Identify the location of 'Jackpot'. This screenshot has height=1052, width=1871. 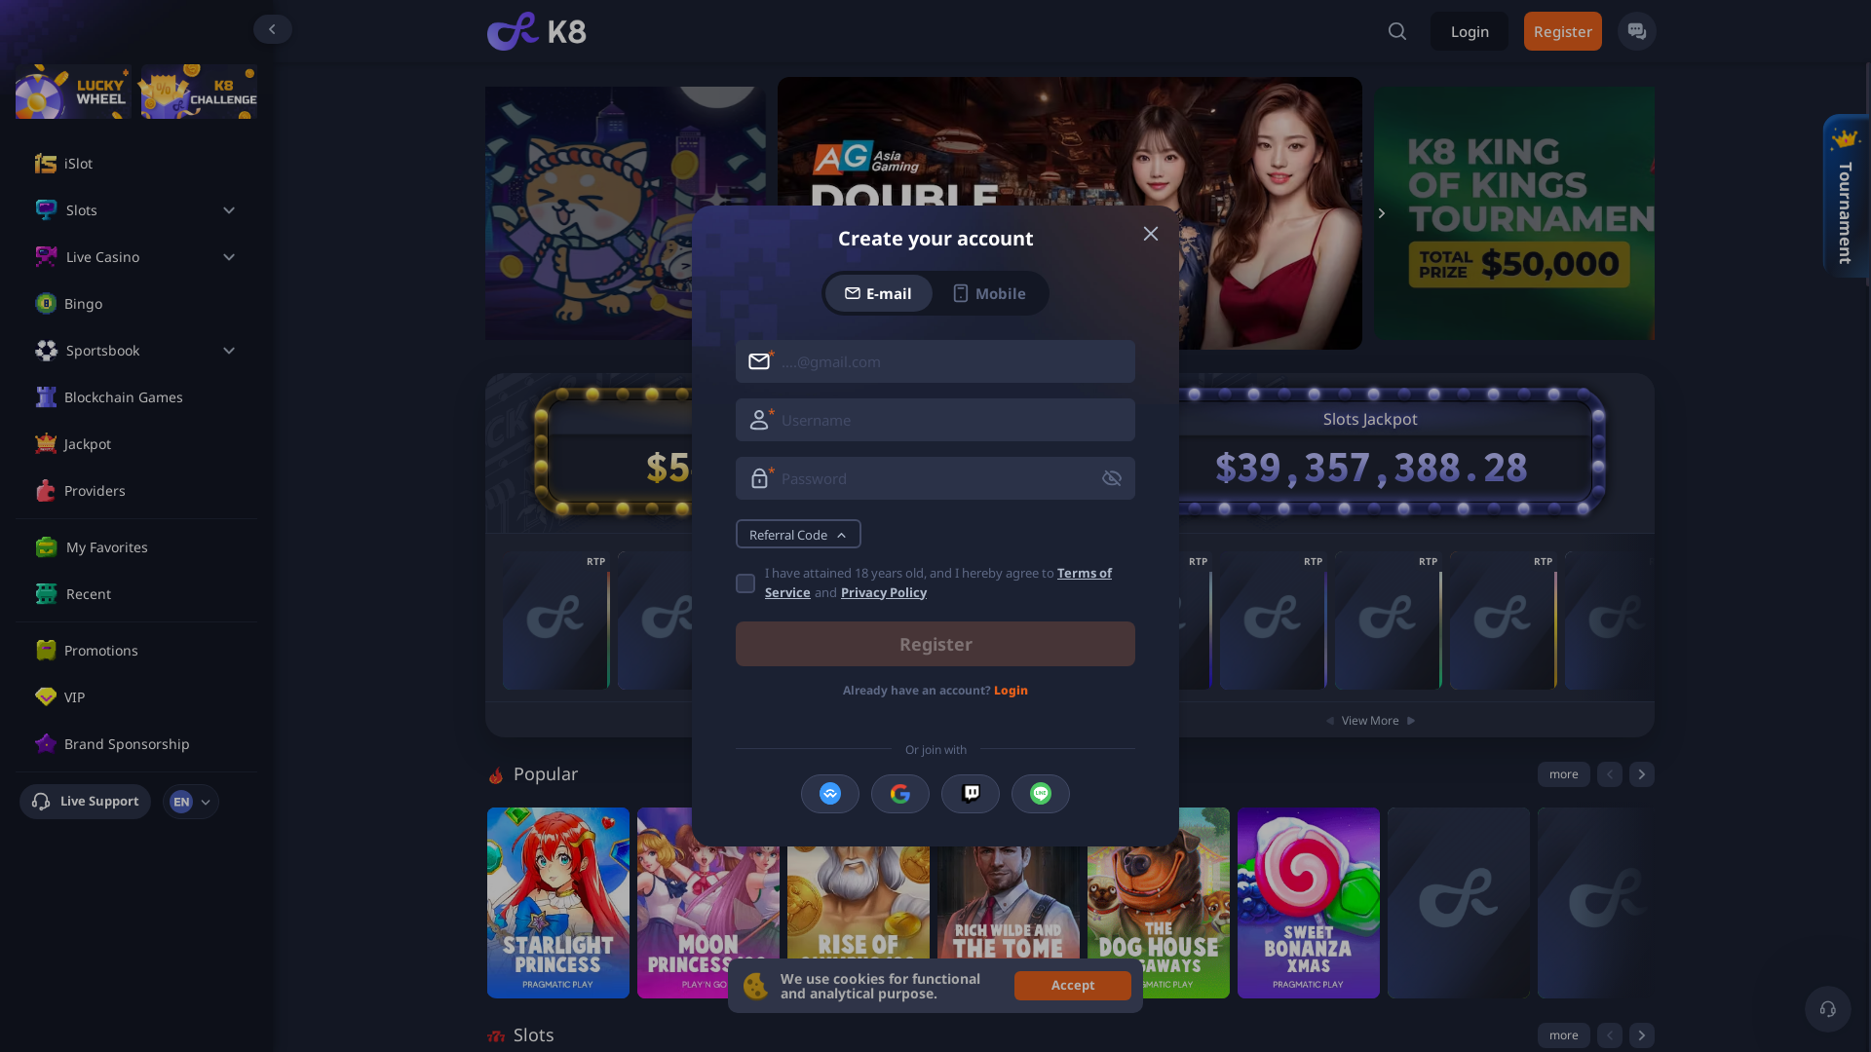
(149, 443).